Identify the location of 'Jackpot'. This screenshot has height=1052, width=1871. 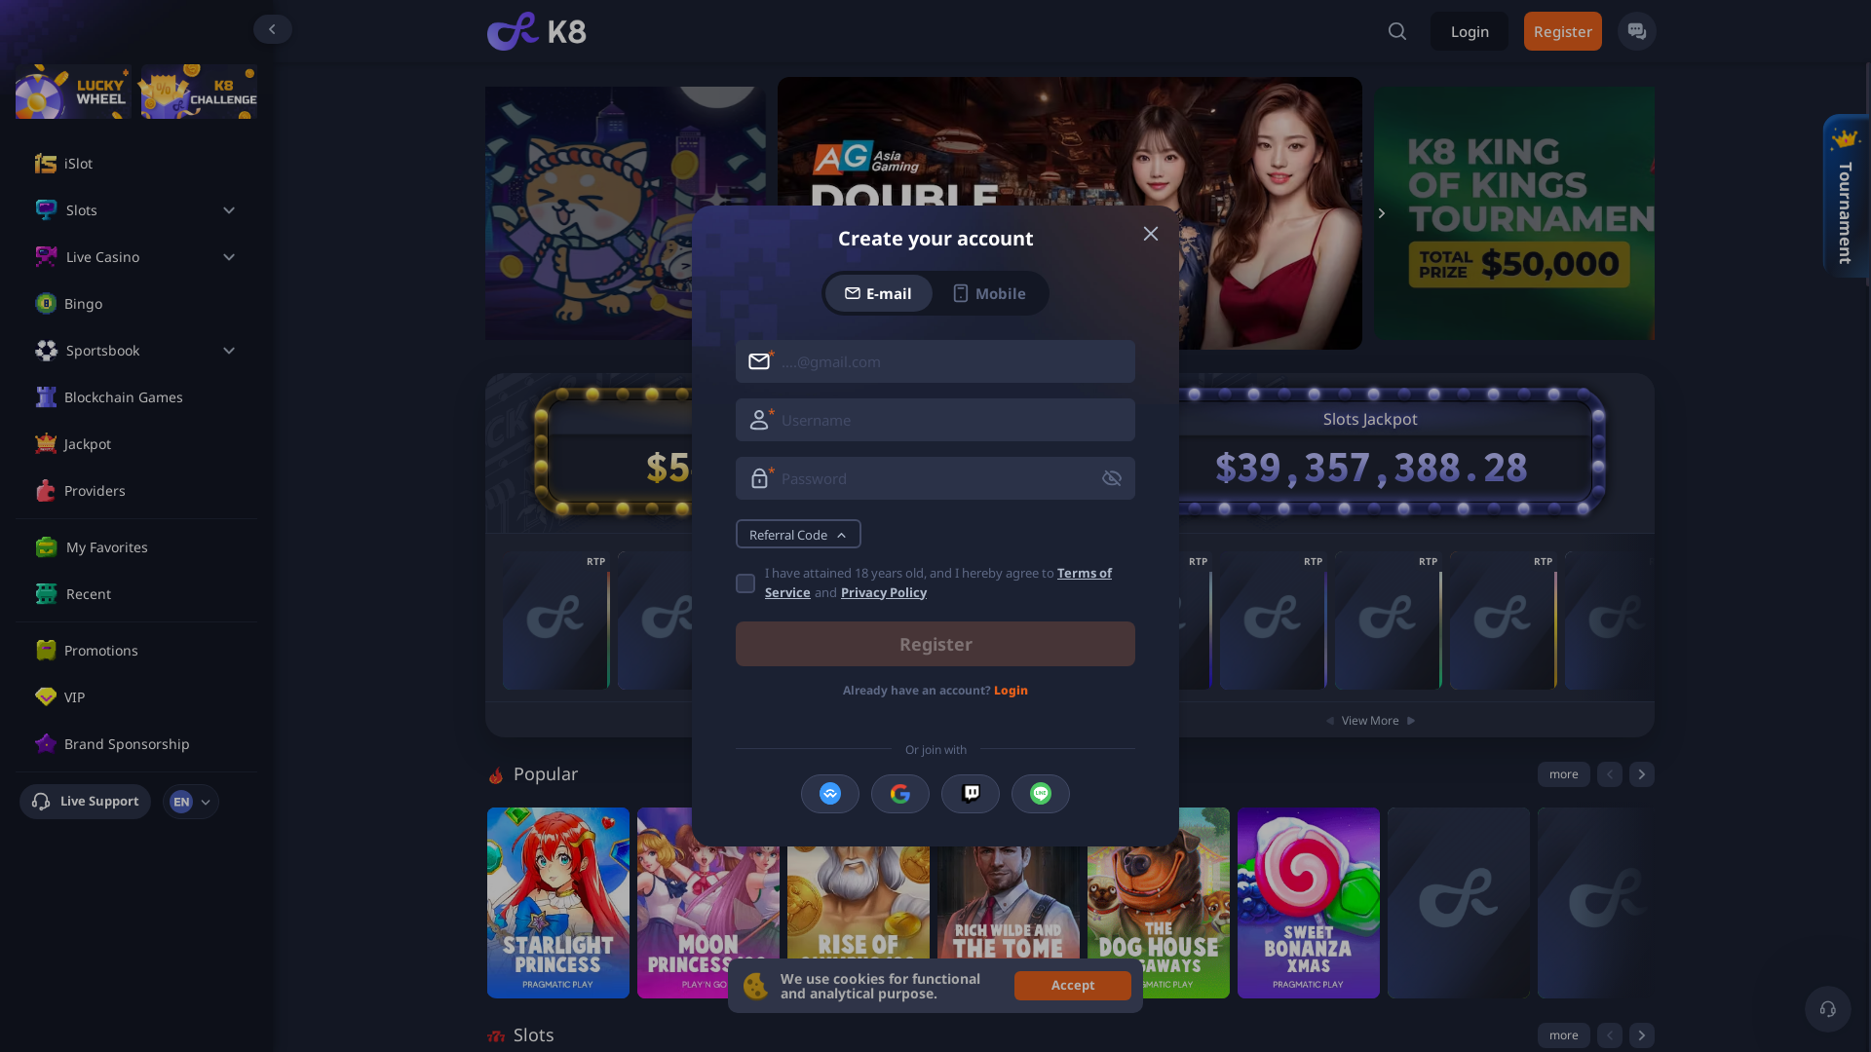
(149, 443).